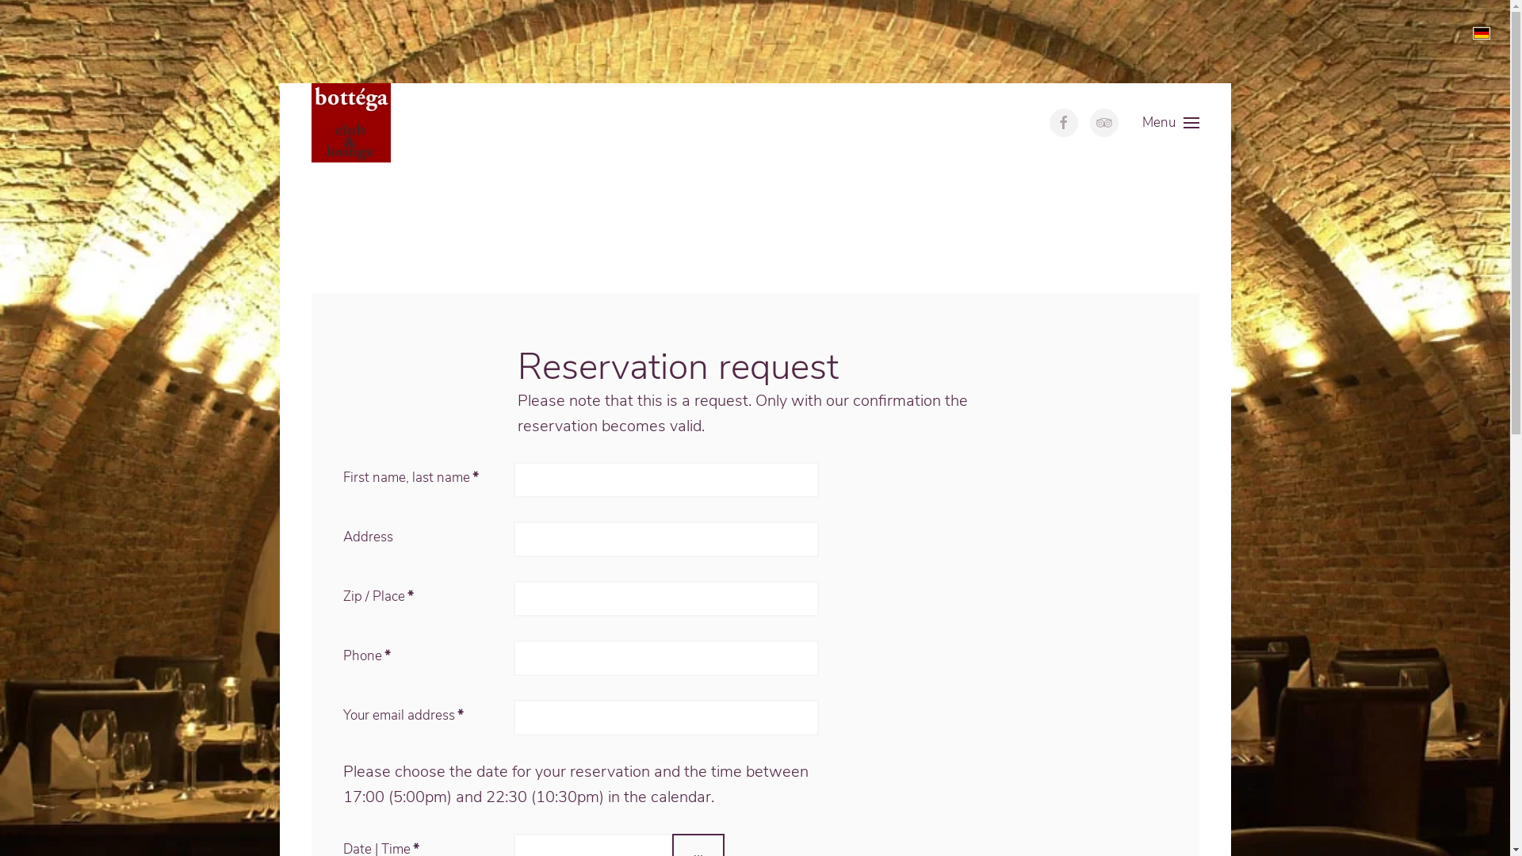 The image size is (1522, 856). I want to click on 'Deutsch', so click(1480, 33).